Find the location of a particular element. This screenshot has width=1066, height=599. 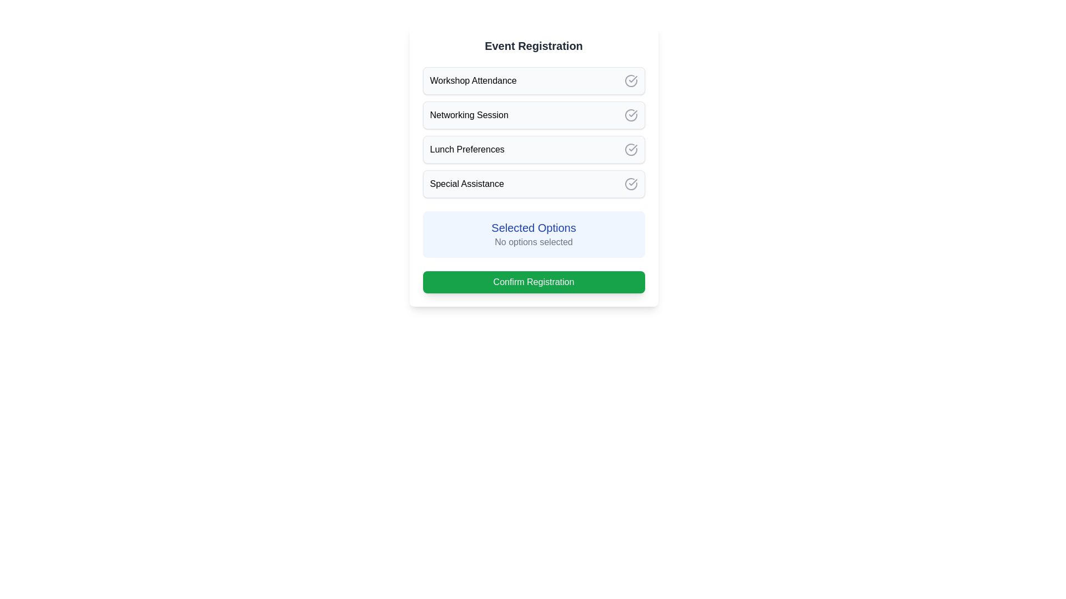

the static text label 'Lunch Preferences' which is the third item in the event registration form options, located below 'Networking Session' and above 'Special Assistance' is located at coordinates (467, 150).